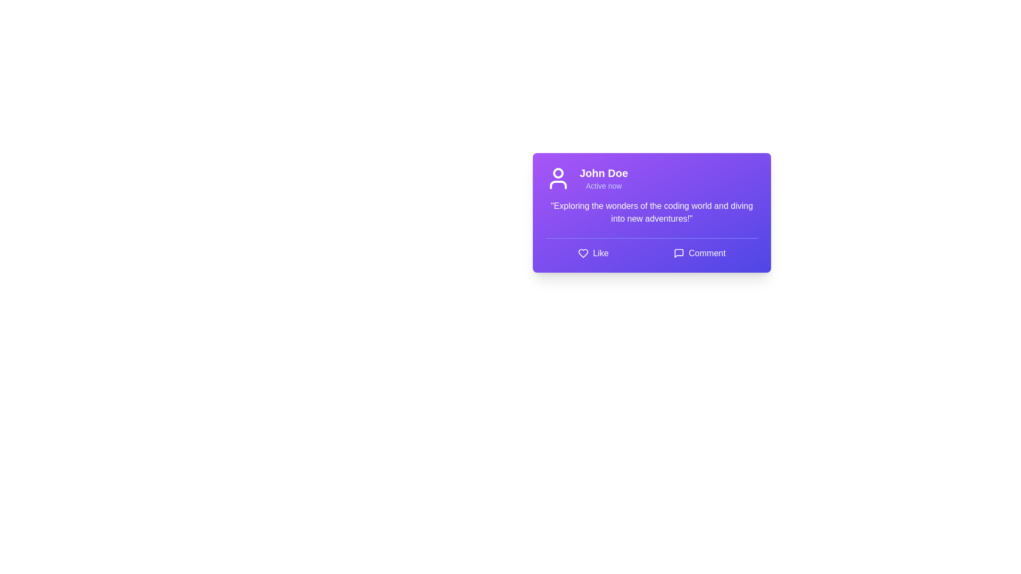 Image resolution: width=1021 pixels, height=574 pixels. I want to click on the speech bubble icon next to the 'Comment' label on the purple background, so click(679, 254).